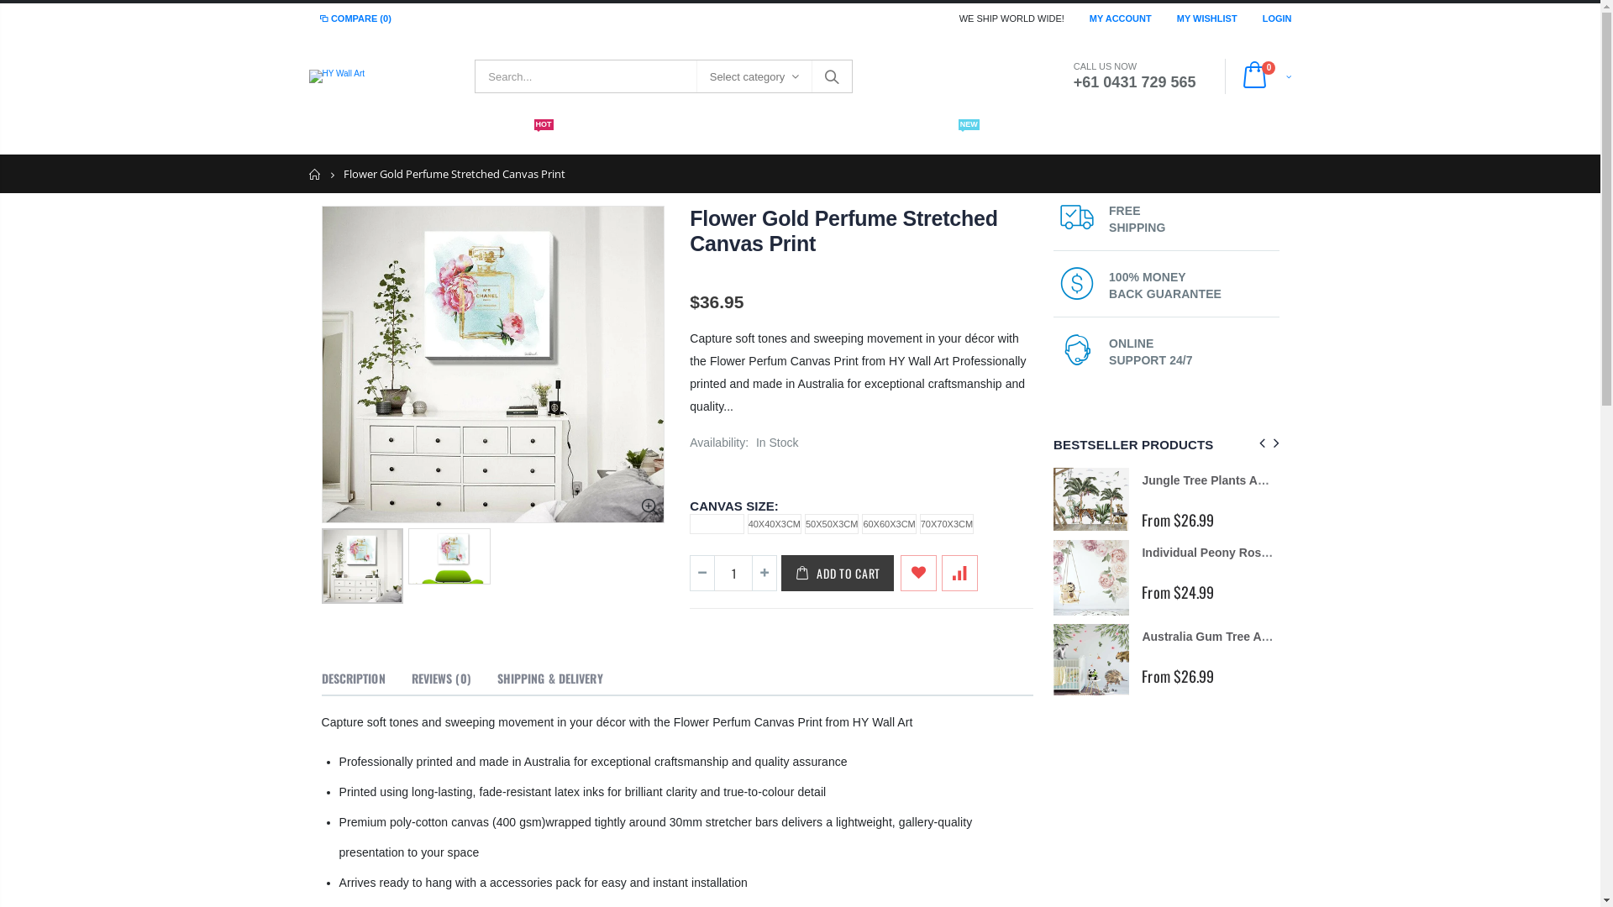 Image resolution: width=1613 pixels, height=907 pixels. I want to click on 'SHIPPING & DELIVERY', so click(549, 679).